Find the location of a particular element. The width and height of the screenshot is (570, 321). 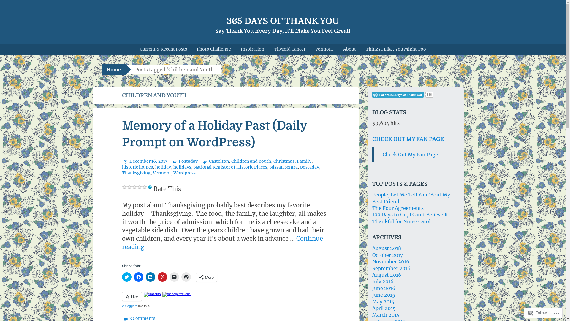

'Click to share on Twitter (Opens in new window)' is located at coordinates (126, 277).